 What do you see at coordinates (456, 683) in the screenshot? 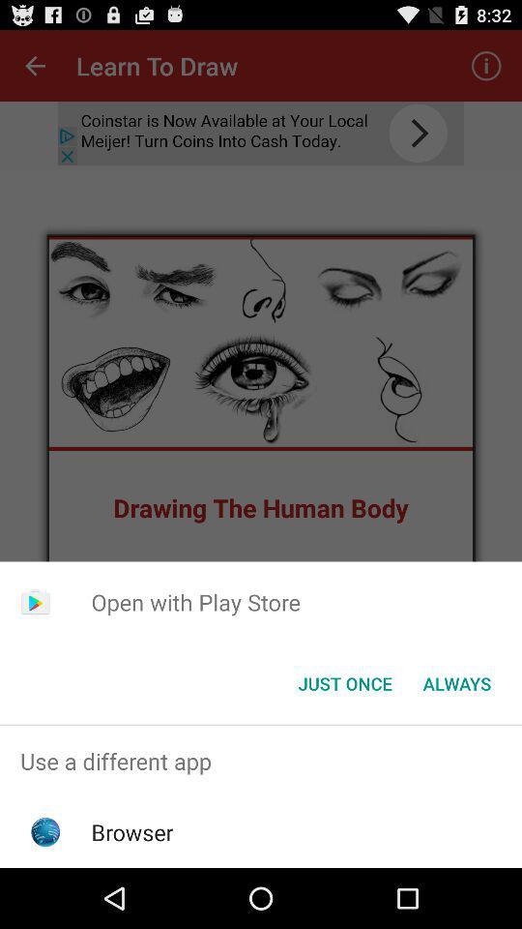
I see `always` at bounding box center [456, 683].